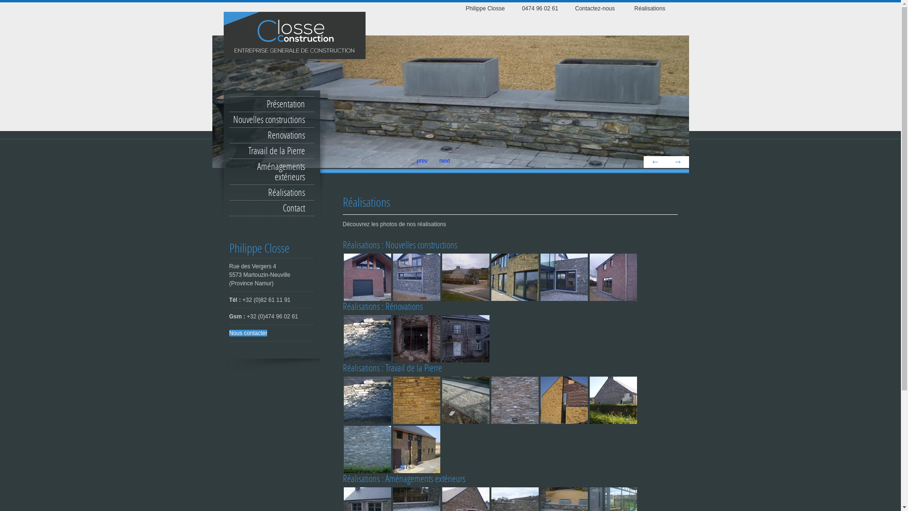 This screenshot has height=511, width=908. What do you see at coordinates (367, 277) in the screenshot?
I see `'OLYMPUS DIGITAL CAMERA         '` at bounding box center [367, 277].